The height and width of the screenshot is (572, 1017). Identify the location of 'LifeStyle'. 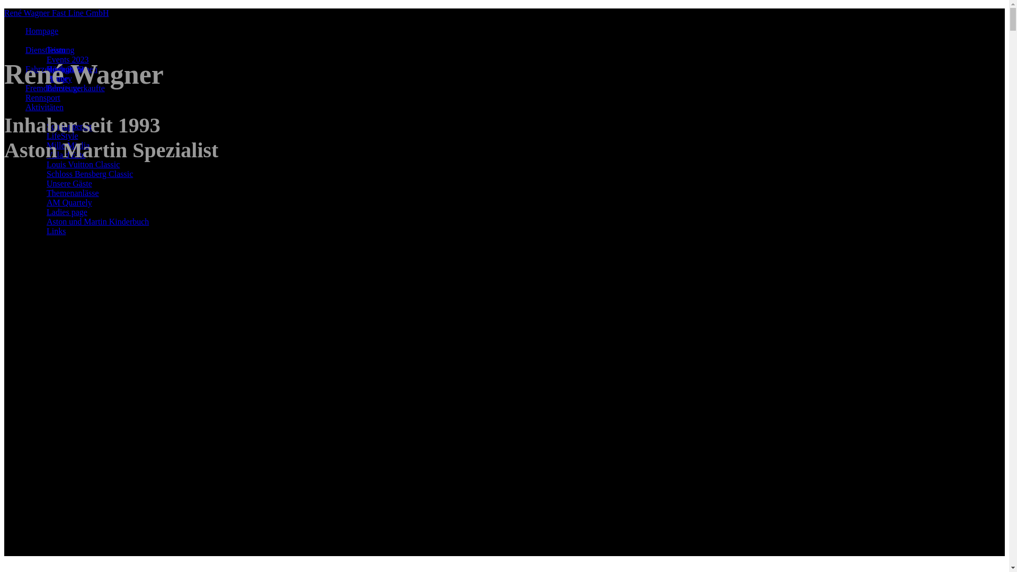
(62, 135).